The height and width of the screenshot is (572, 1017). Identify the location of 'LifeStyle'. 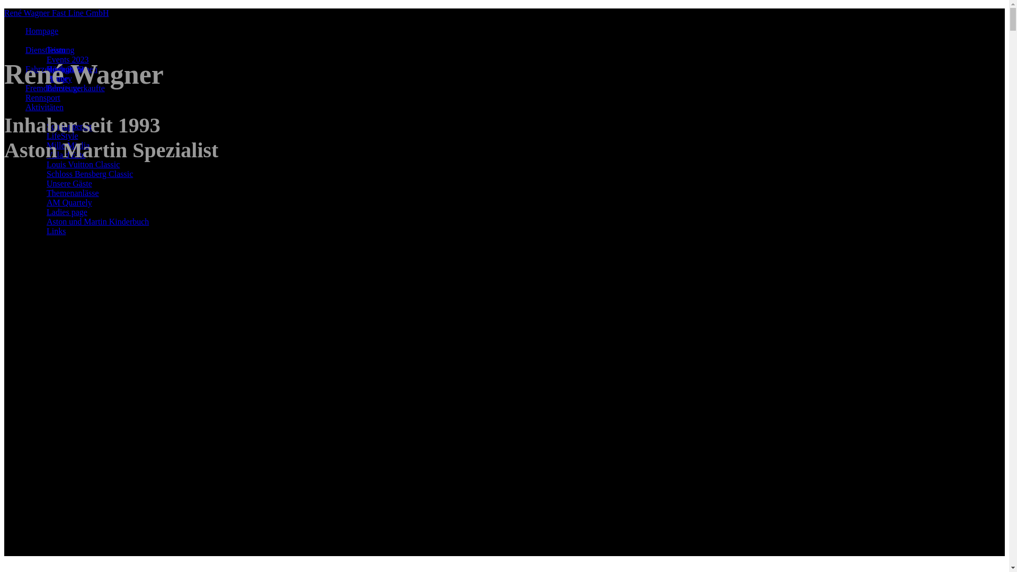
(62, 135).